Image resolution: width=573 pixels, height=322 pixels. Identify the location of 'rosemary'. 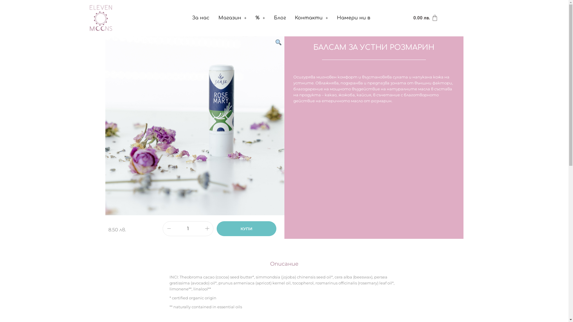
(195, 125).